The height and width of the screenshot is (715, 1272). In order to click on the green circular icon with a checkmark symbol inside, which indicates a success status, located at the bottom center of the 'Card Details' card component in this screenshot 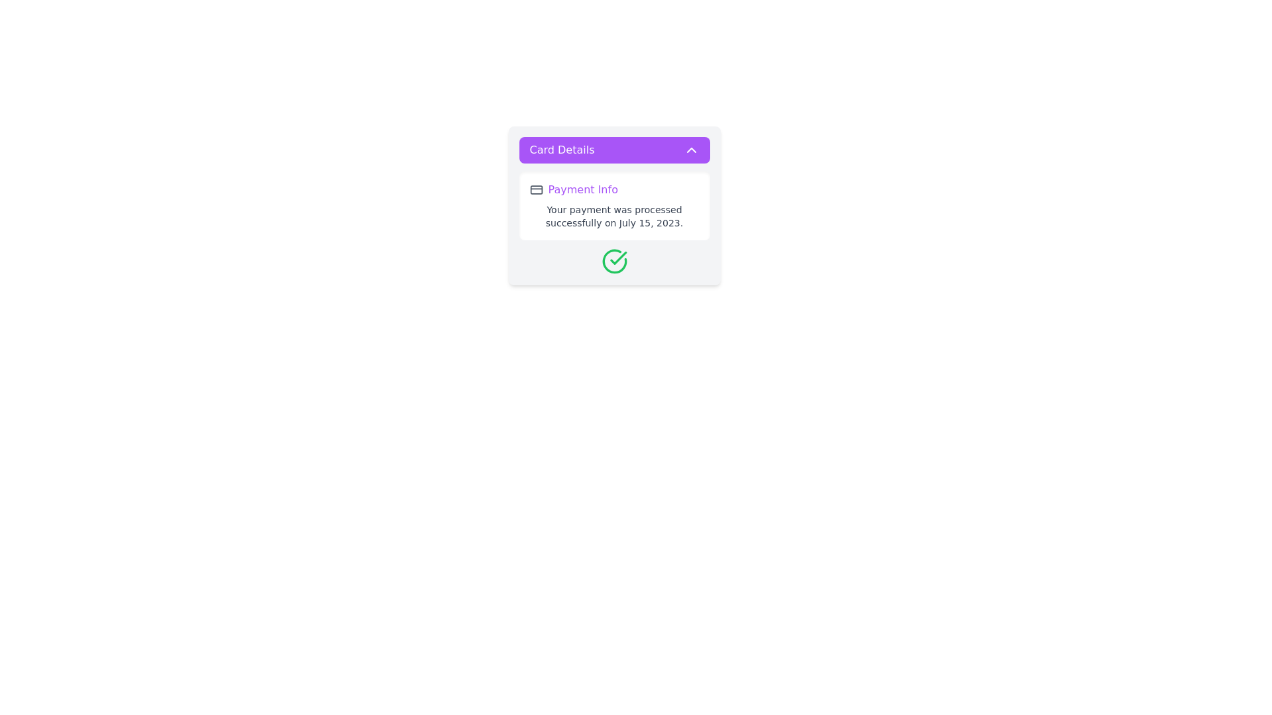, I will do `click(613, 261)`.